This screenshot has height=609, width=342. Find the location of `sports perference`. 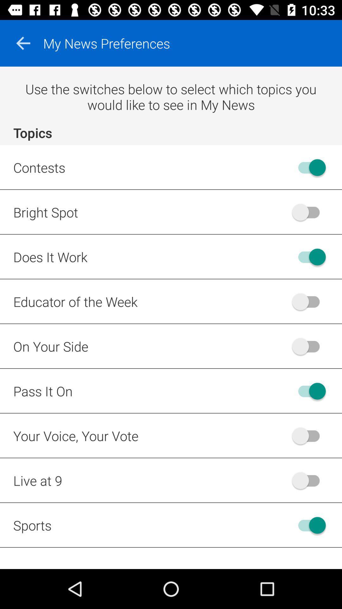

sports perference is located at coordinates (308, 525).